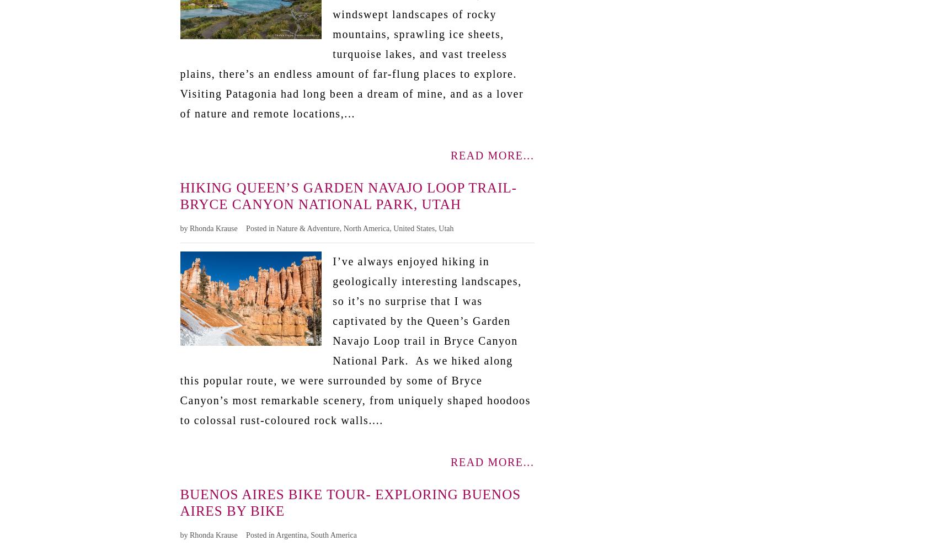 The height and width of the screenshot is (546, 935). I want to click on 'Nature & Adventure', so click(307, 227).